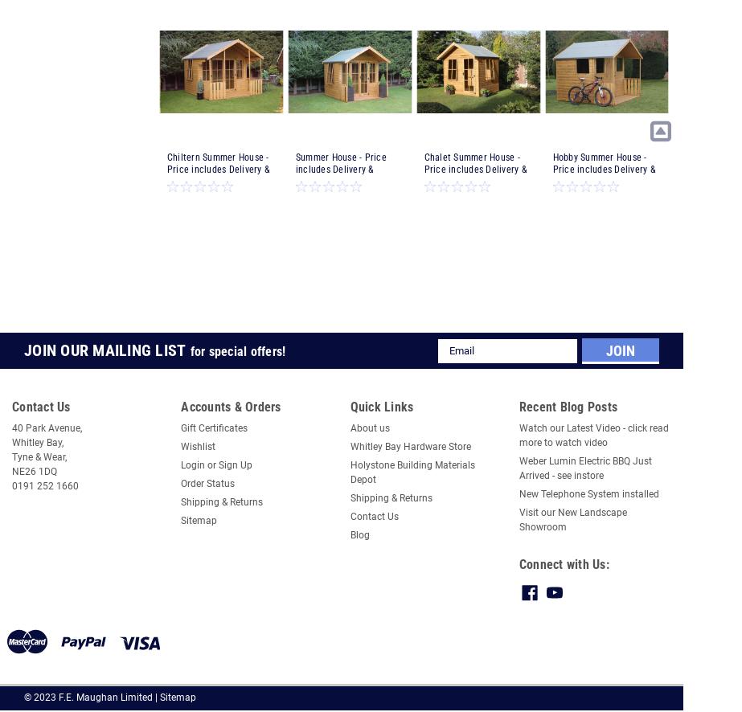 The image size is (742, 712). Describe the element at coordinates (192, 464) in the screenshot. I see `'Login'` at that location.